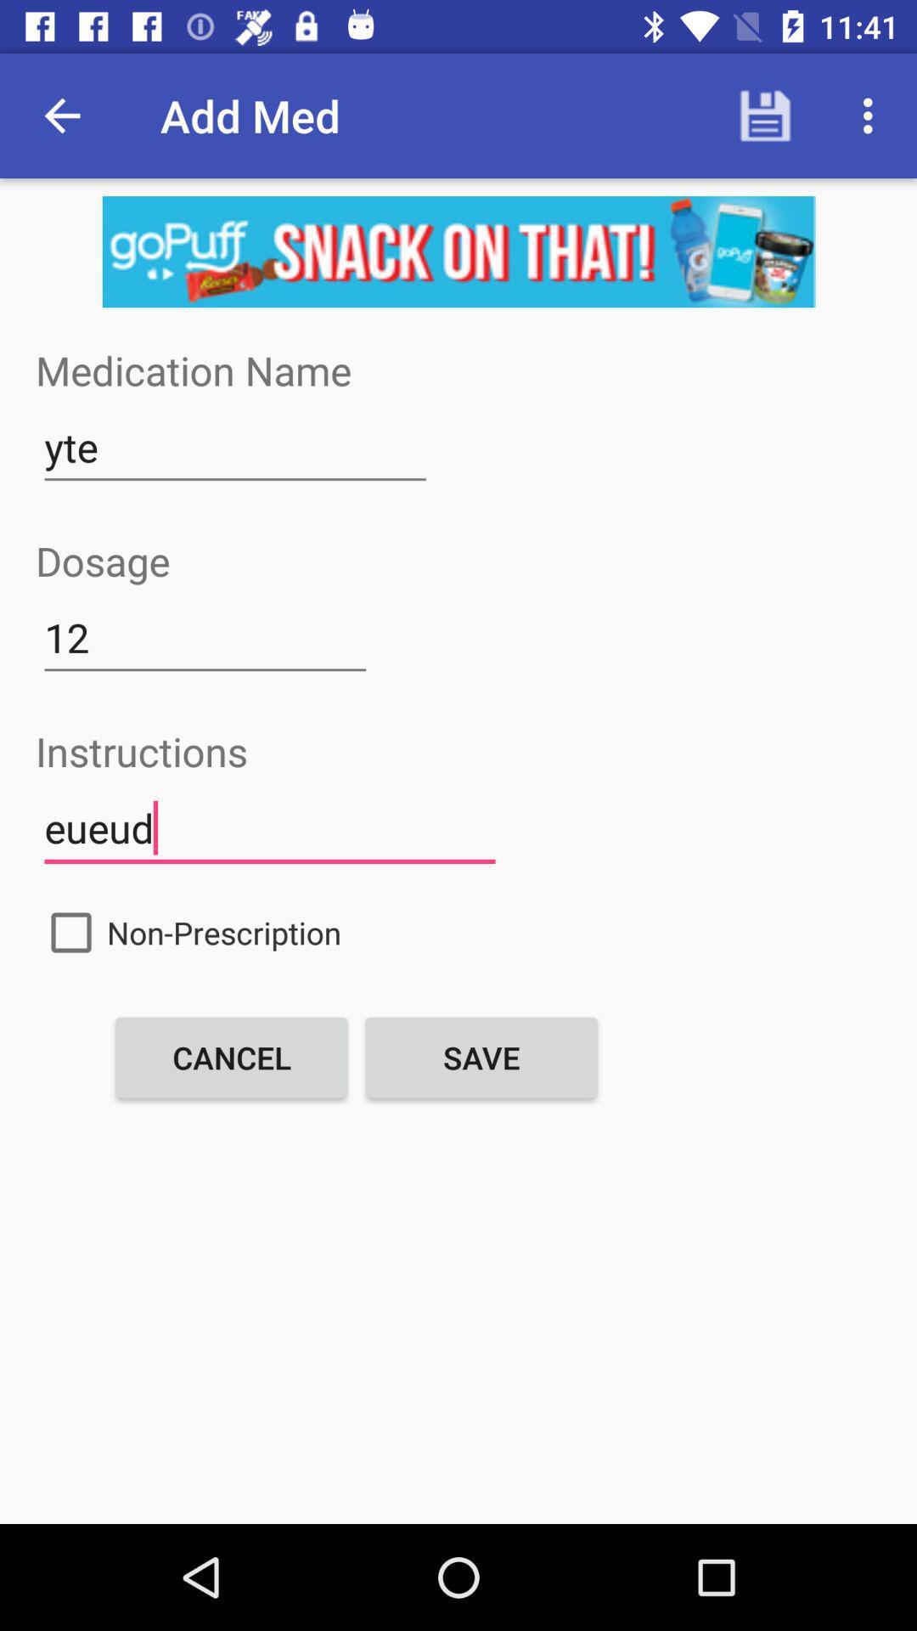  Describe the element at coordinates (481, 1056) in the screenshot. I see `tap on the save option just right to cancel` at that location.